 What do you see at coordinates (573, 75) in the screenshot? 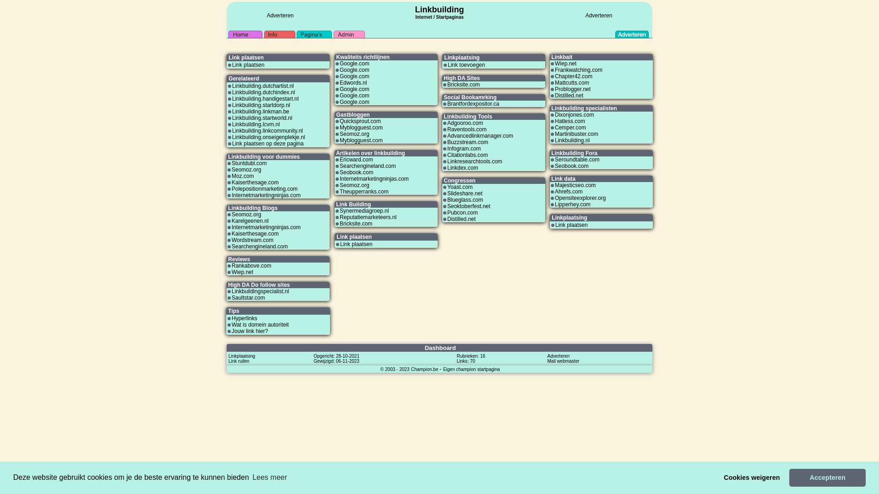
I see `'Chapter42.com'` at bounding box center [573, 75].